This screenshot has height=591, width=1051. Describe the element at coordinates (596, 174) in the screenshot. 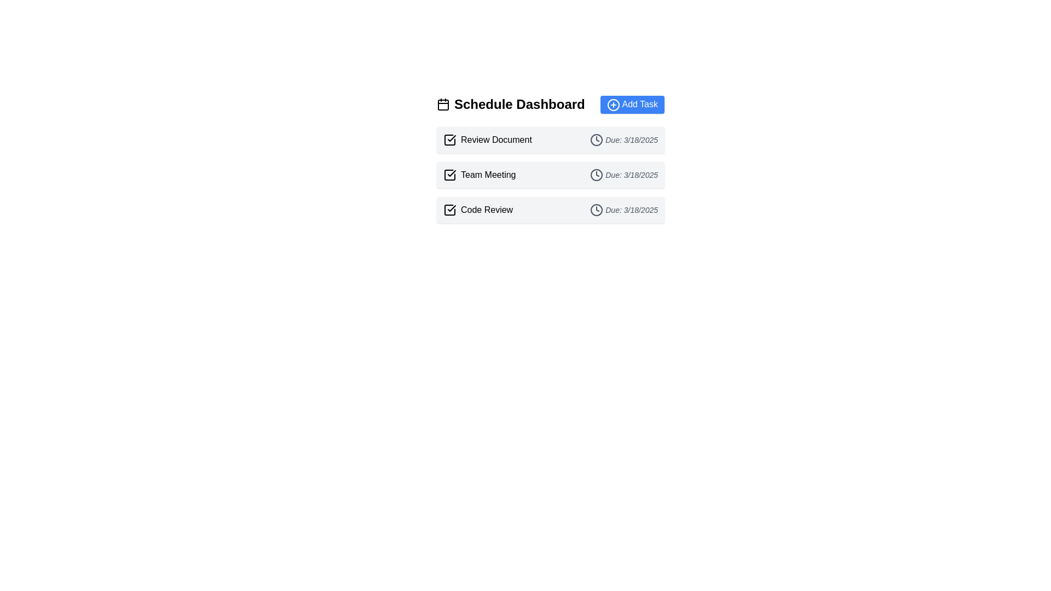

I see `the circular element representing the clock's face in the SVG clock icon, which has a dark border and a white fill, located to the right of the 'Team Meeting' task in the second row of the task list` at that location.